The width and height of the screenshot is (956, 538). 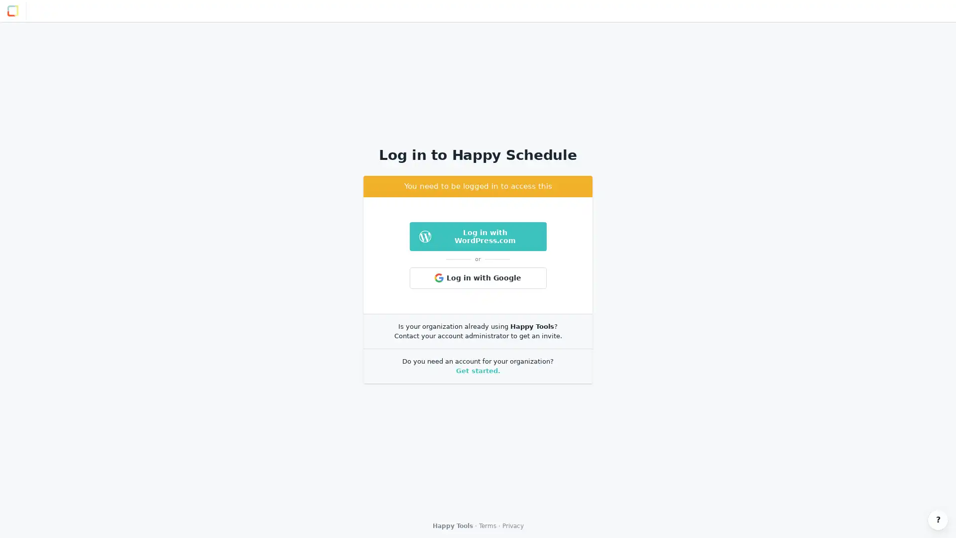 I want to click on Log in with Google, so click(x=477, y=277).